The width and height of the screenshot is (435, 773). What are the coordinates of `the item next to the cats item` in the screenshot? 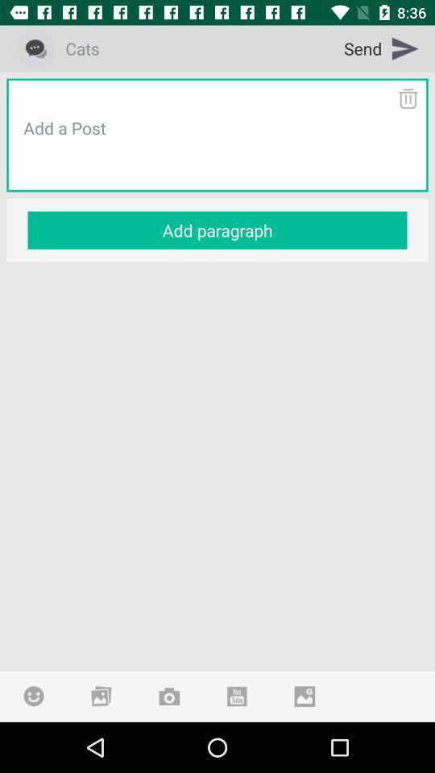 It's located at (381, 48).